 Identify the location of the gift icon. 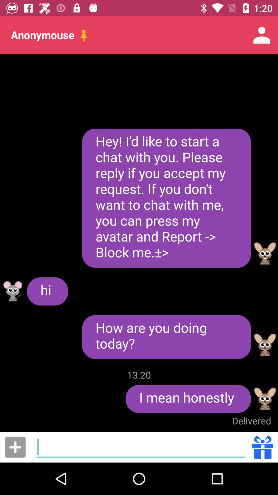
(263, 447).